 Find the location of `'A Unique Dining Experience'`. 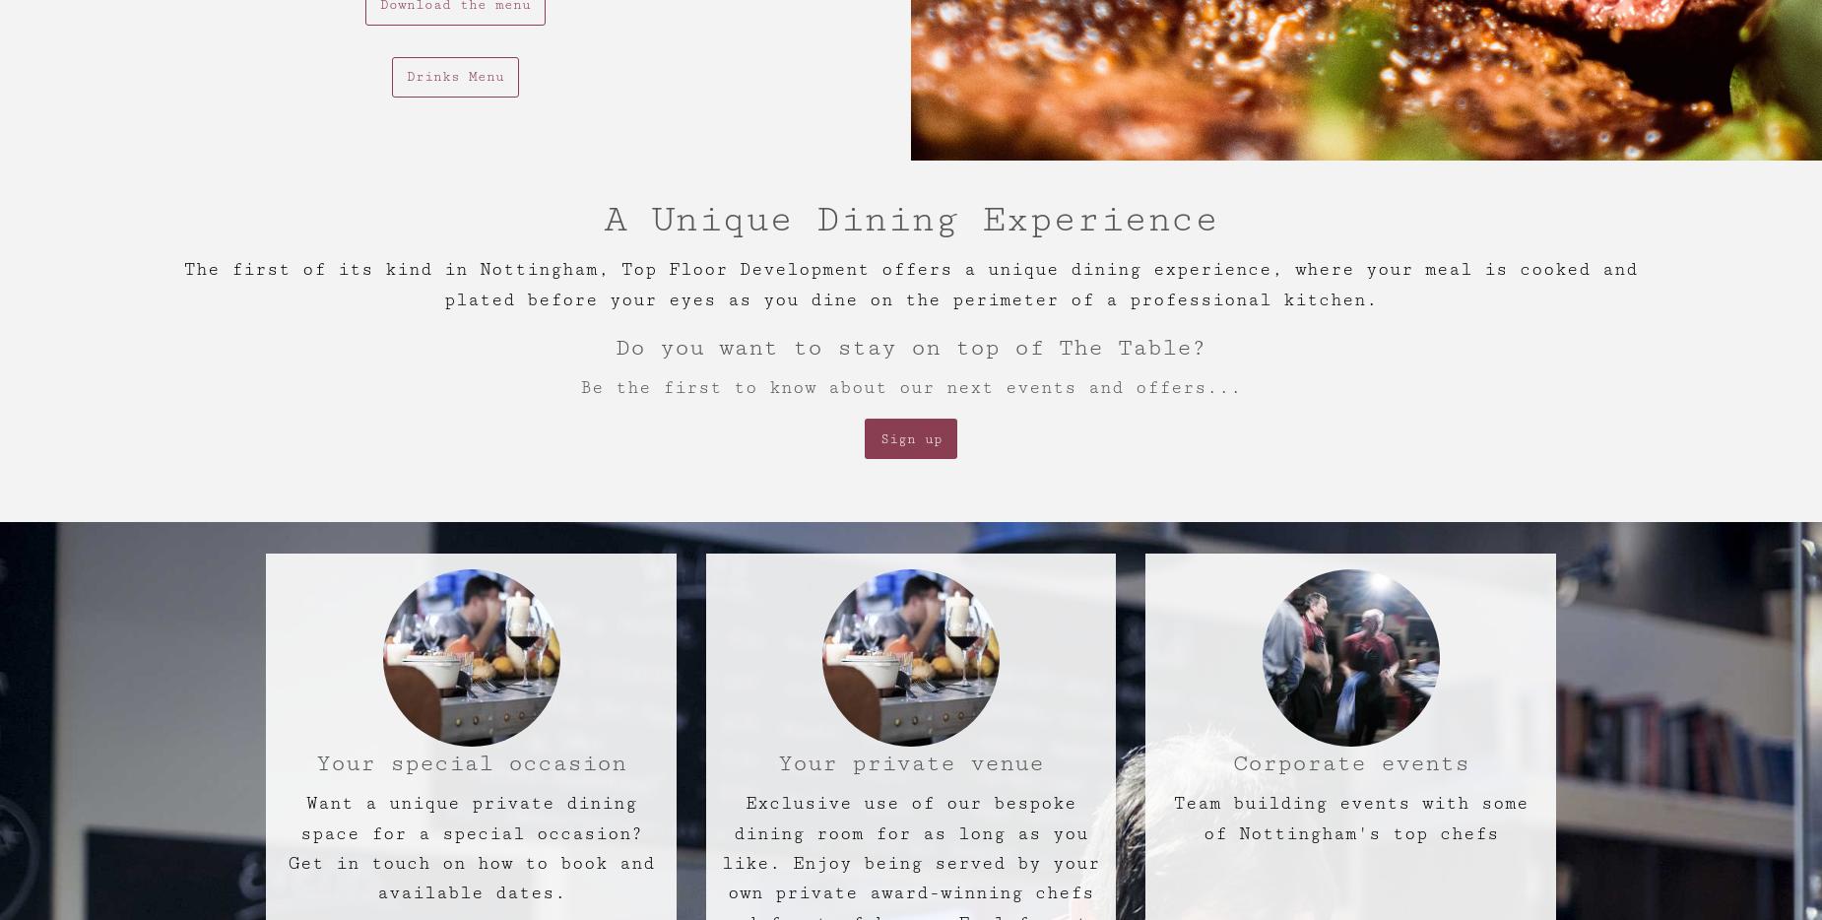

'A Unique Dining Experience' is located at coordinates (911, 219).